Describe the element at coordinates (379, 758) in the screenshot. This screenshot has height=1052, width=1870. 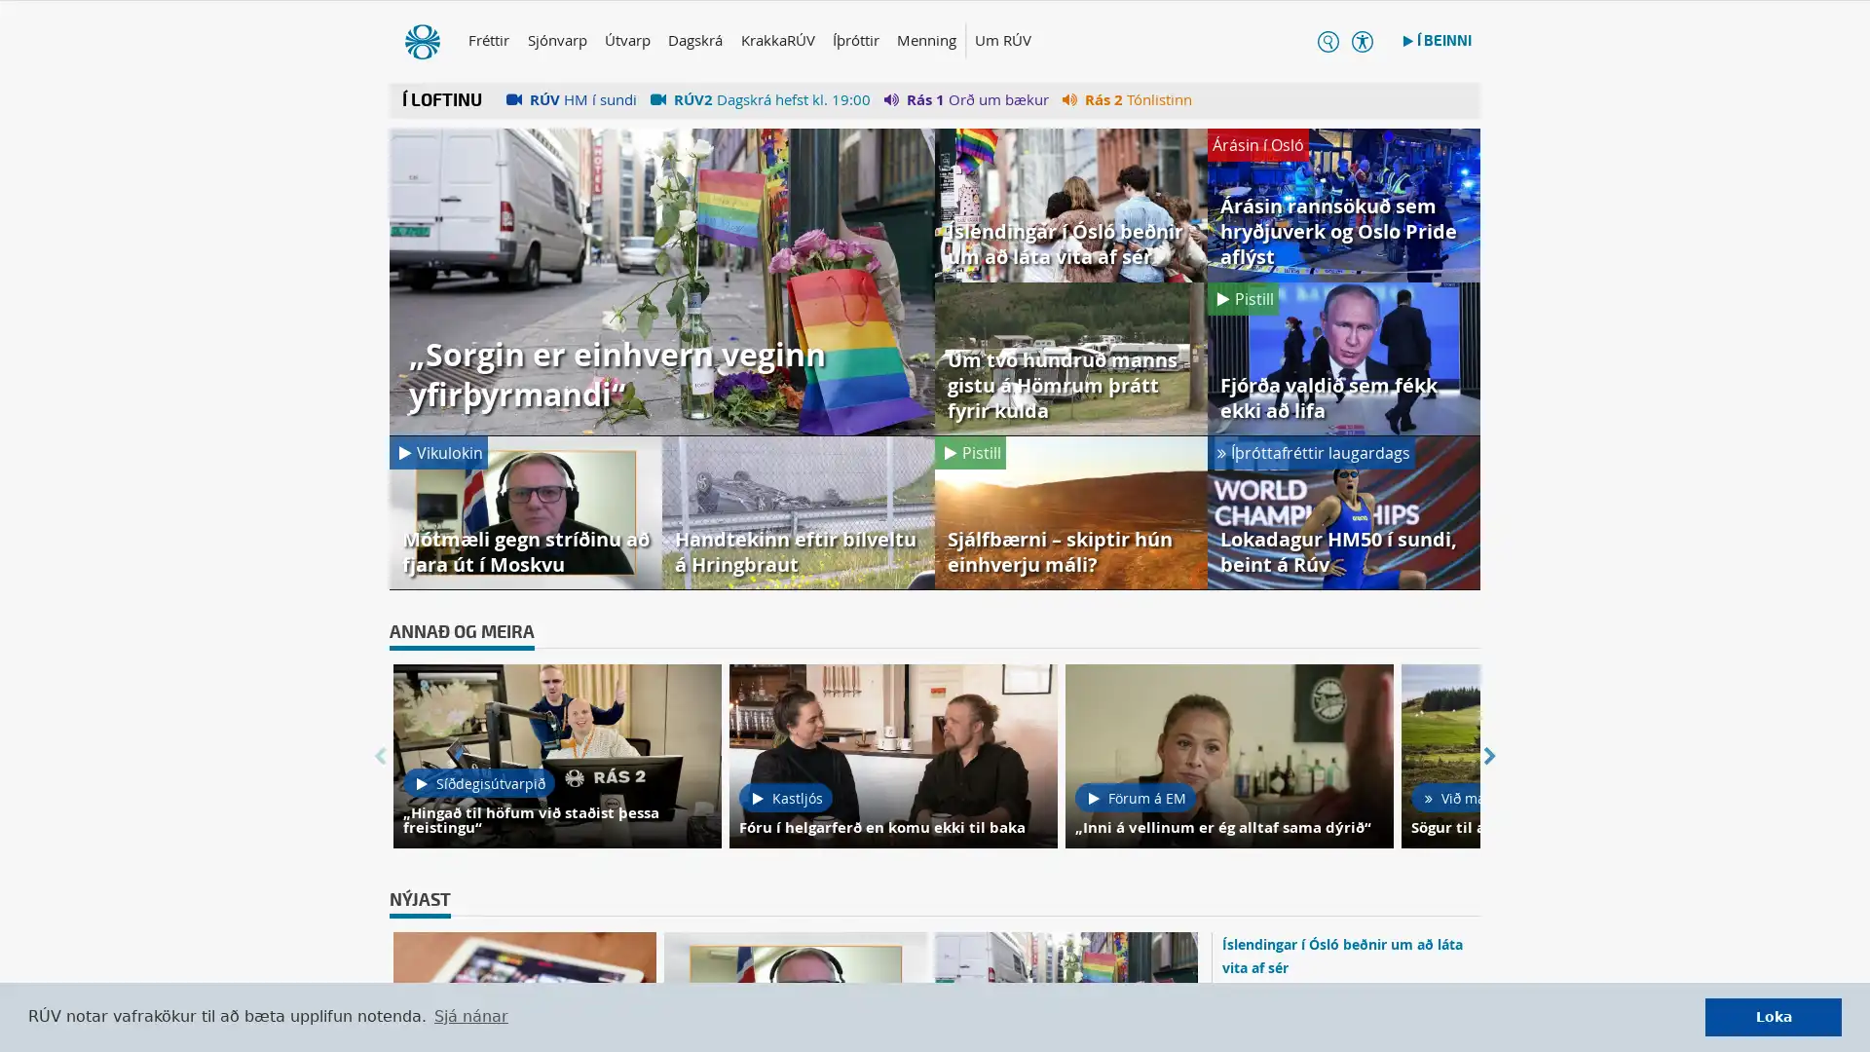
I see `Previous` at that location.